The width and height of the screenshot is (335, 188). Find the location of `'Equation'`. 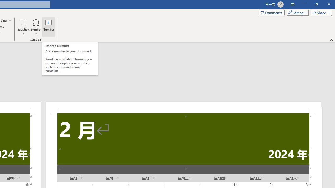

'Equation' is located at coordinates (23, 22).